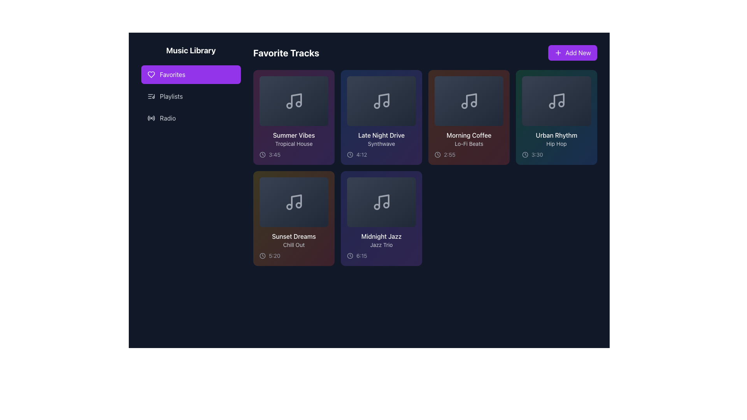 This screenshot has width=747, height=420. What do you see at coordinates (381, 202) in the screenshot?
I see `the music note SVG icon located in the third card of the second row in the grid layout of favorite tracks` at bounding box center [381, 202].